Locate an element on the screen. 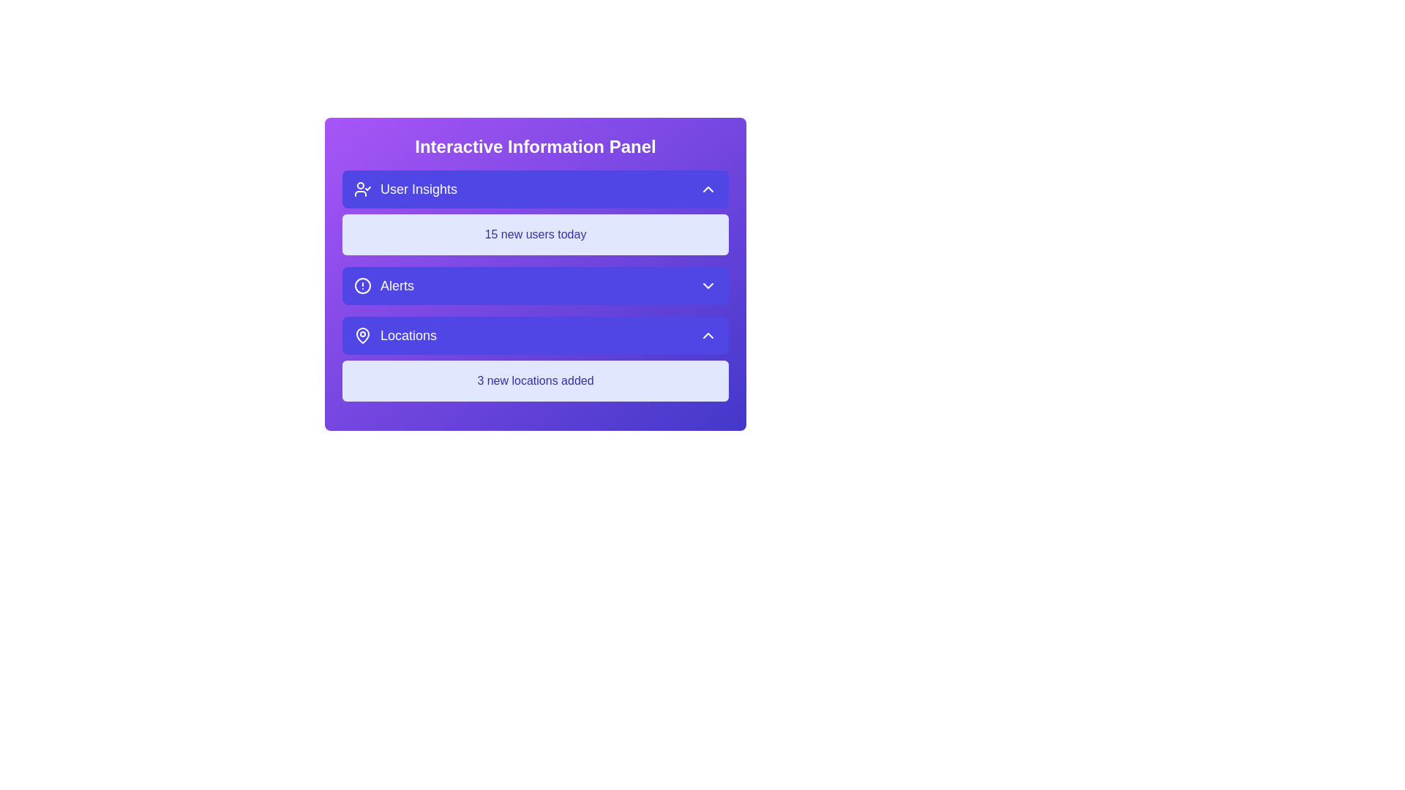  the panel button corresponding to User Insights is located at coordinates (534, 188).